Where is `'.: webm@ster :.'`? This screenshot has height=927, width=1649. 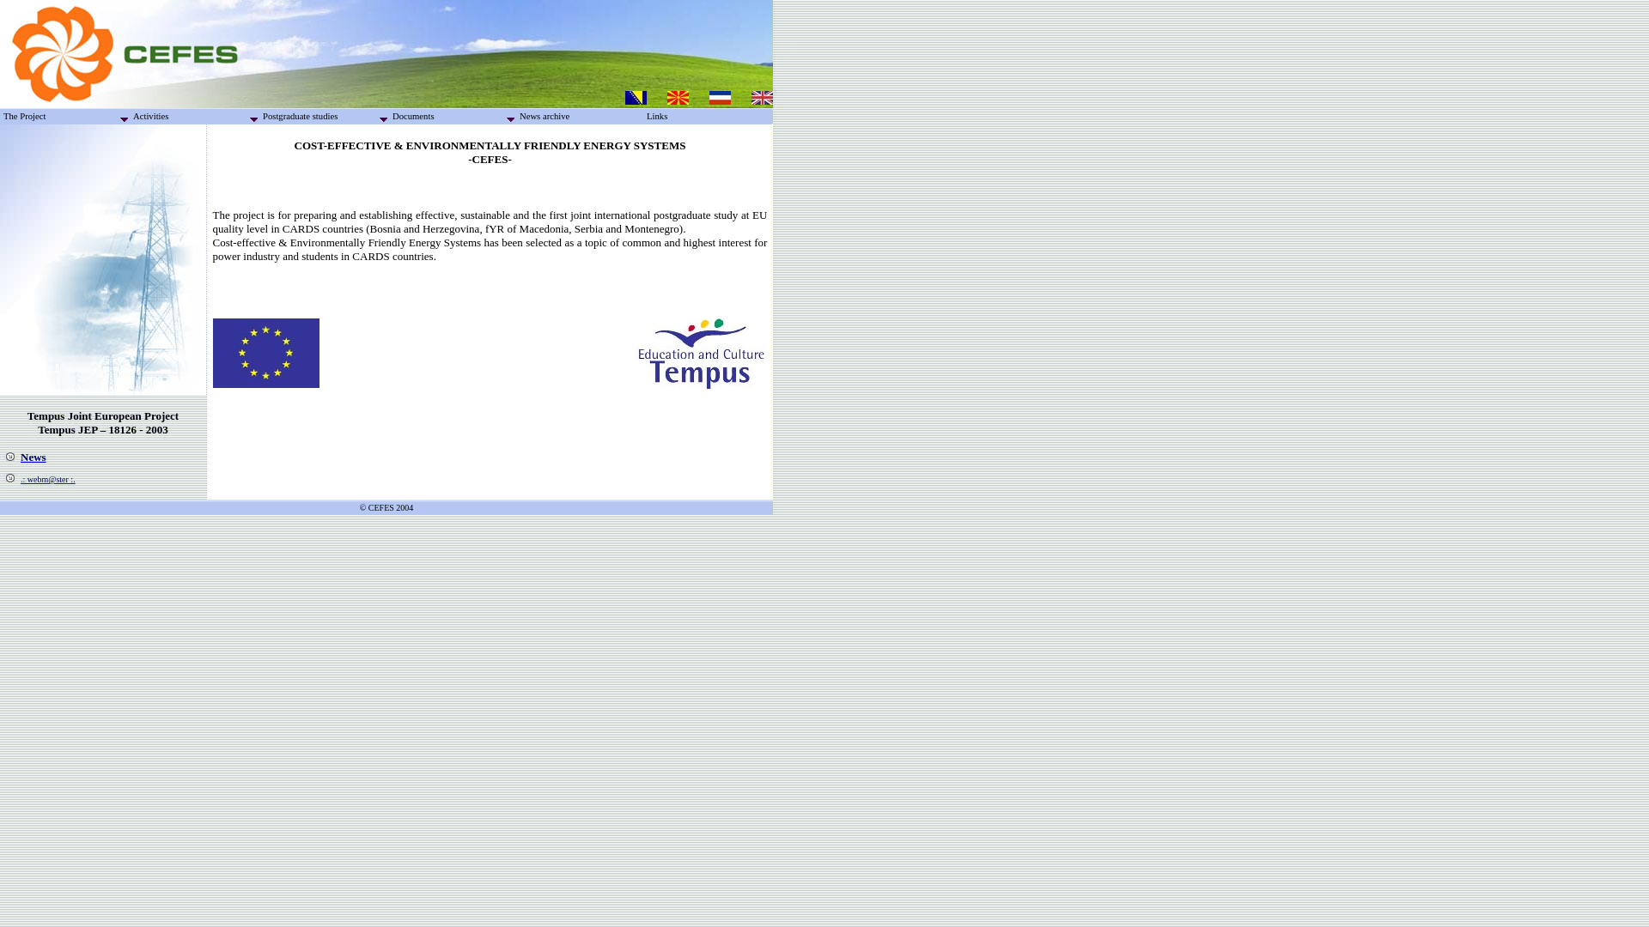
'.: webm@ster :.' is located at coordinates (48, 479).